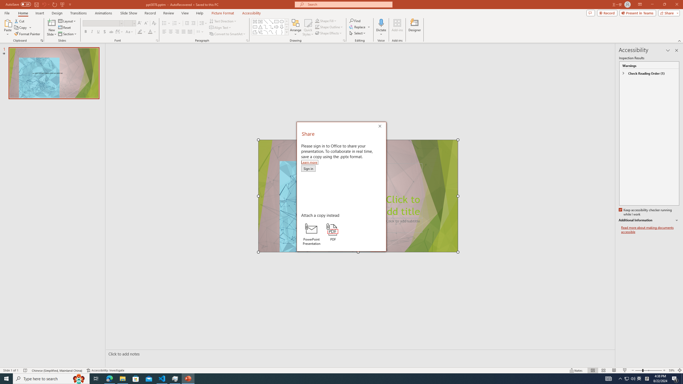  Describe the element at coordinates (157, 40) in the screenshot. I see `'Font...'` at that location.